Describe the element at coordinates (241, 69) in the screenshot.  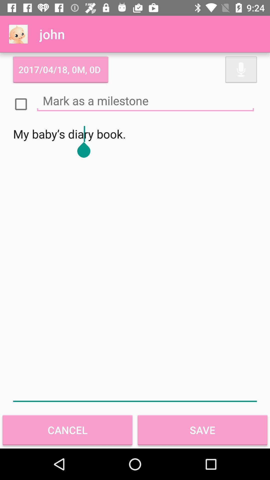
I see `switch voice command on` at that location.